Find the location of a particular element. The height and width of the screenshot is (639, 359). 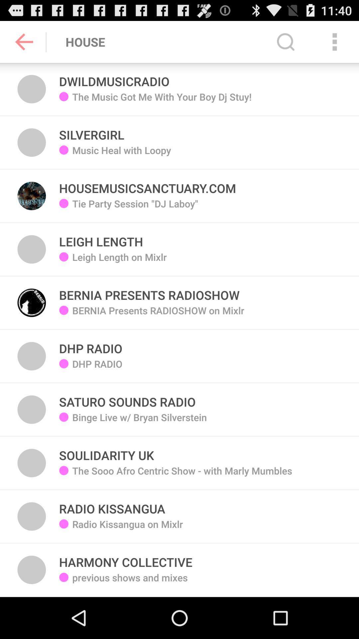

tie party session icon is located at coordinates (135, 208).